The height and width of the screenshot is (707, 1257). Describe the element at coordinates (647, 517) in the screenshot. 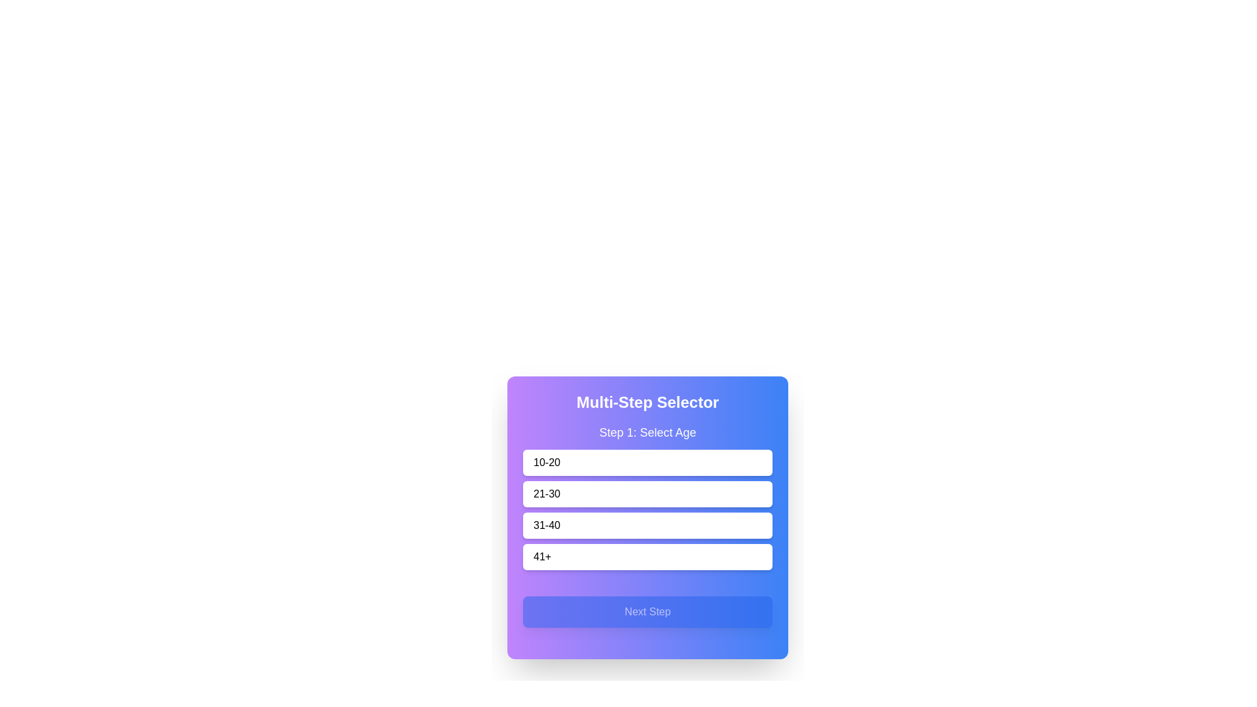

I see `an option within the 'Multi-Step Selector' panel that displays various age selection buttons such as '10-20', '21-30', '31-40', and '41+'` at that location.